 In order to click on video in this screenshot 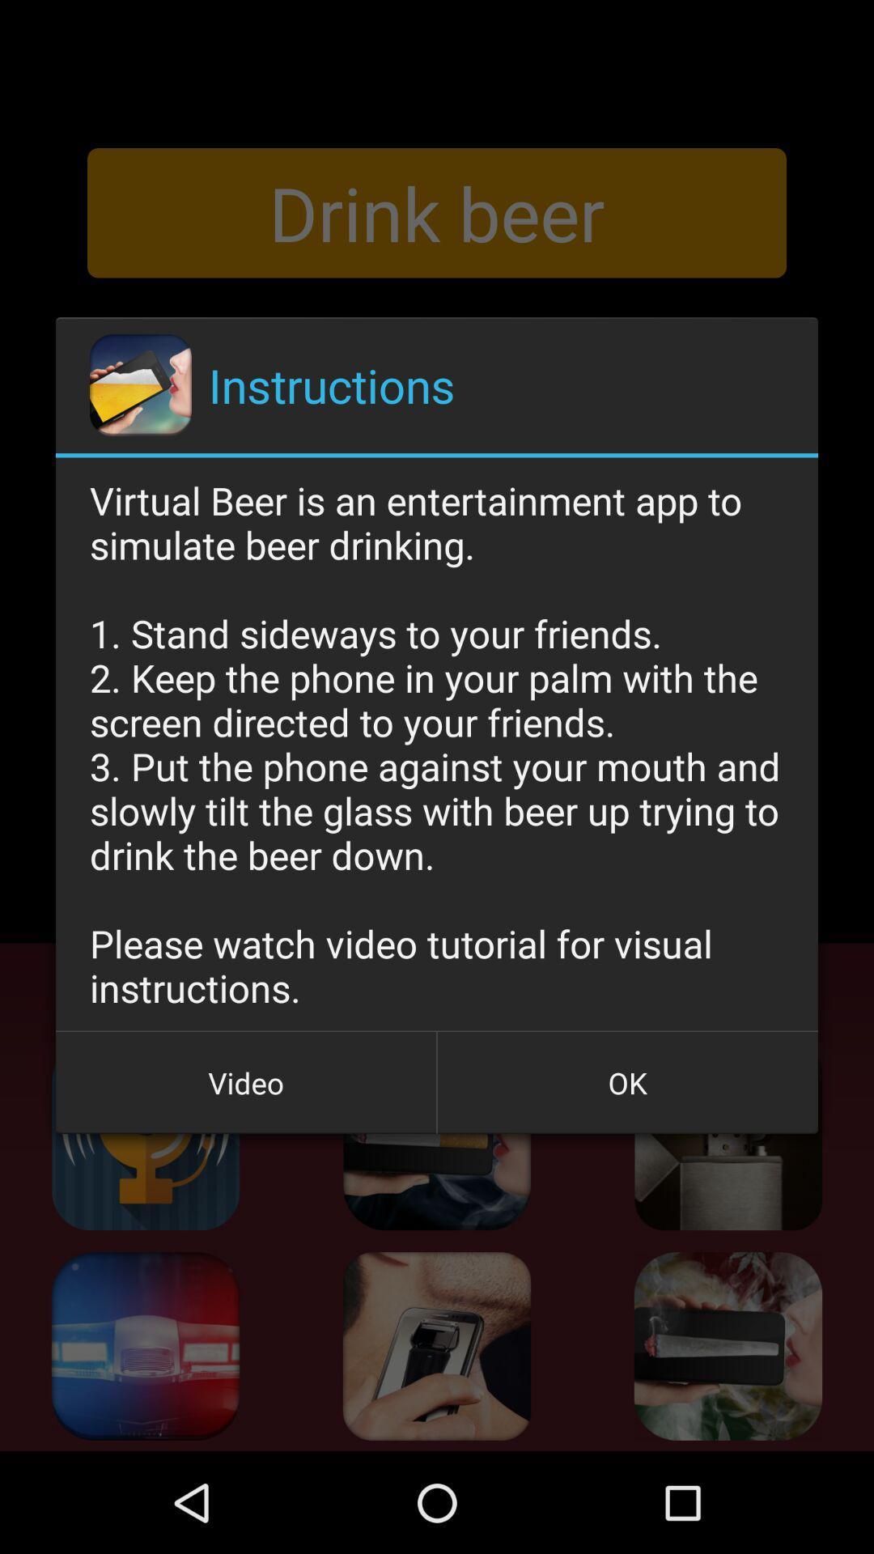, I will do `click(246, 1083)`.